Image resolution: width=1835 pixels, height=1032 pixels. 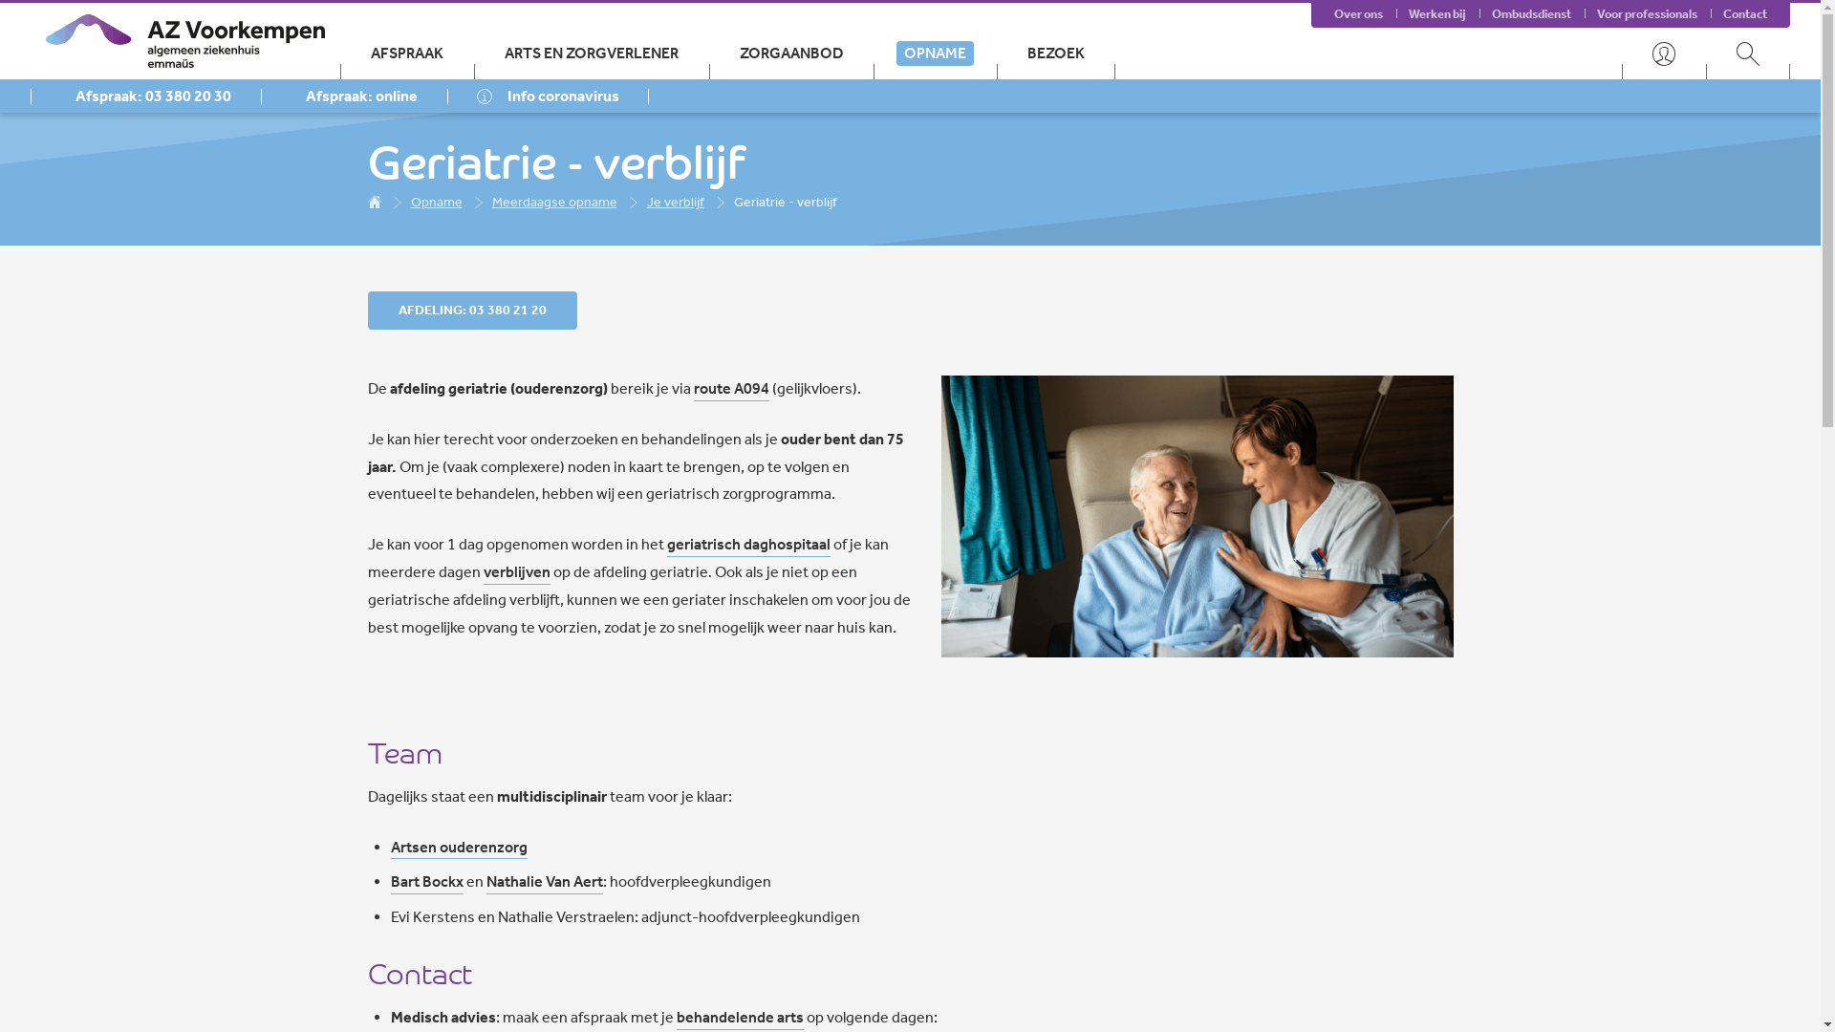 I want to click on 'Meerdaagse opname', so click(x=552, y=202).